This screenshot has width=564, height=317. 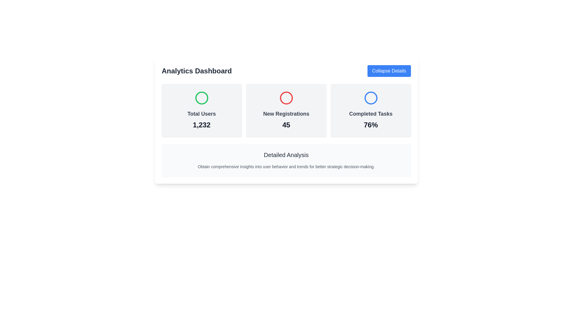 What do you see at coordinates (370, 114) in the screenshot?
I see `the descriptive label that provides context to the associated percentage metric, located below a circular icon and above the percentage label ('76%')` at bounding box center [370, 114].